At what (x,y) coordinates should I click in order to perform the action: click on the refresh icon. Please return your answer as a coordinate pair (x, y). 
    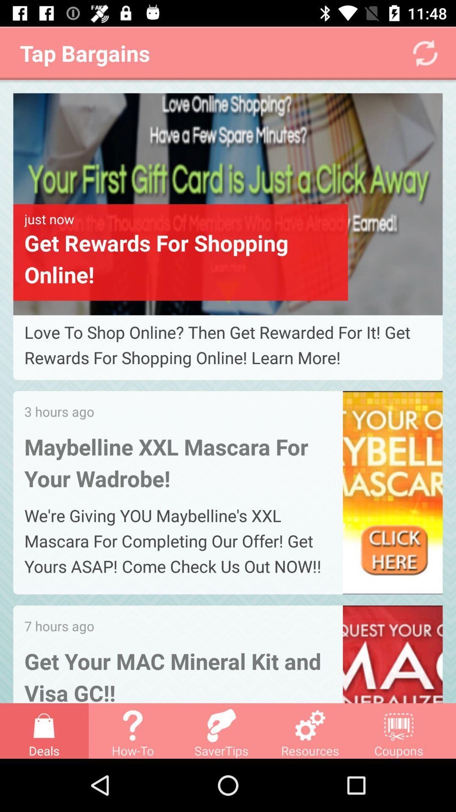
    Looking at the image, I should click on (425, 52).